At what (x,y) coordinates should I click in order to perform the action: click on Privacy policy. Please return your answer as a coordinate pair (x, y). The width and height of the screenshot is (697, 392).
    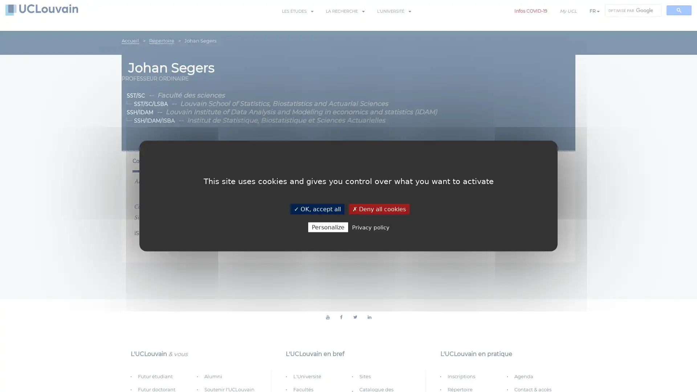
    Looking at the image, I should click on (370, 226).